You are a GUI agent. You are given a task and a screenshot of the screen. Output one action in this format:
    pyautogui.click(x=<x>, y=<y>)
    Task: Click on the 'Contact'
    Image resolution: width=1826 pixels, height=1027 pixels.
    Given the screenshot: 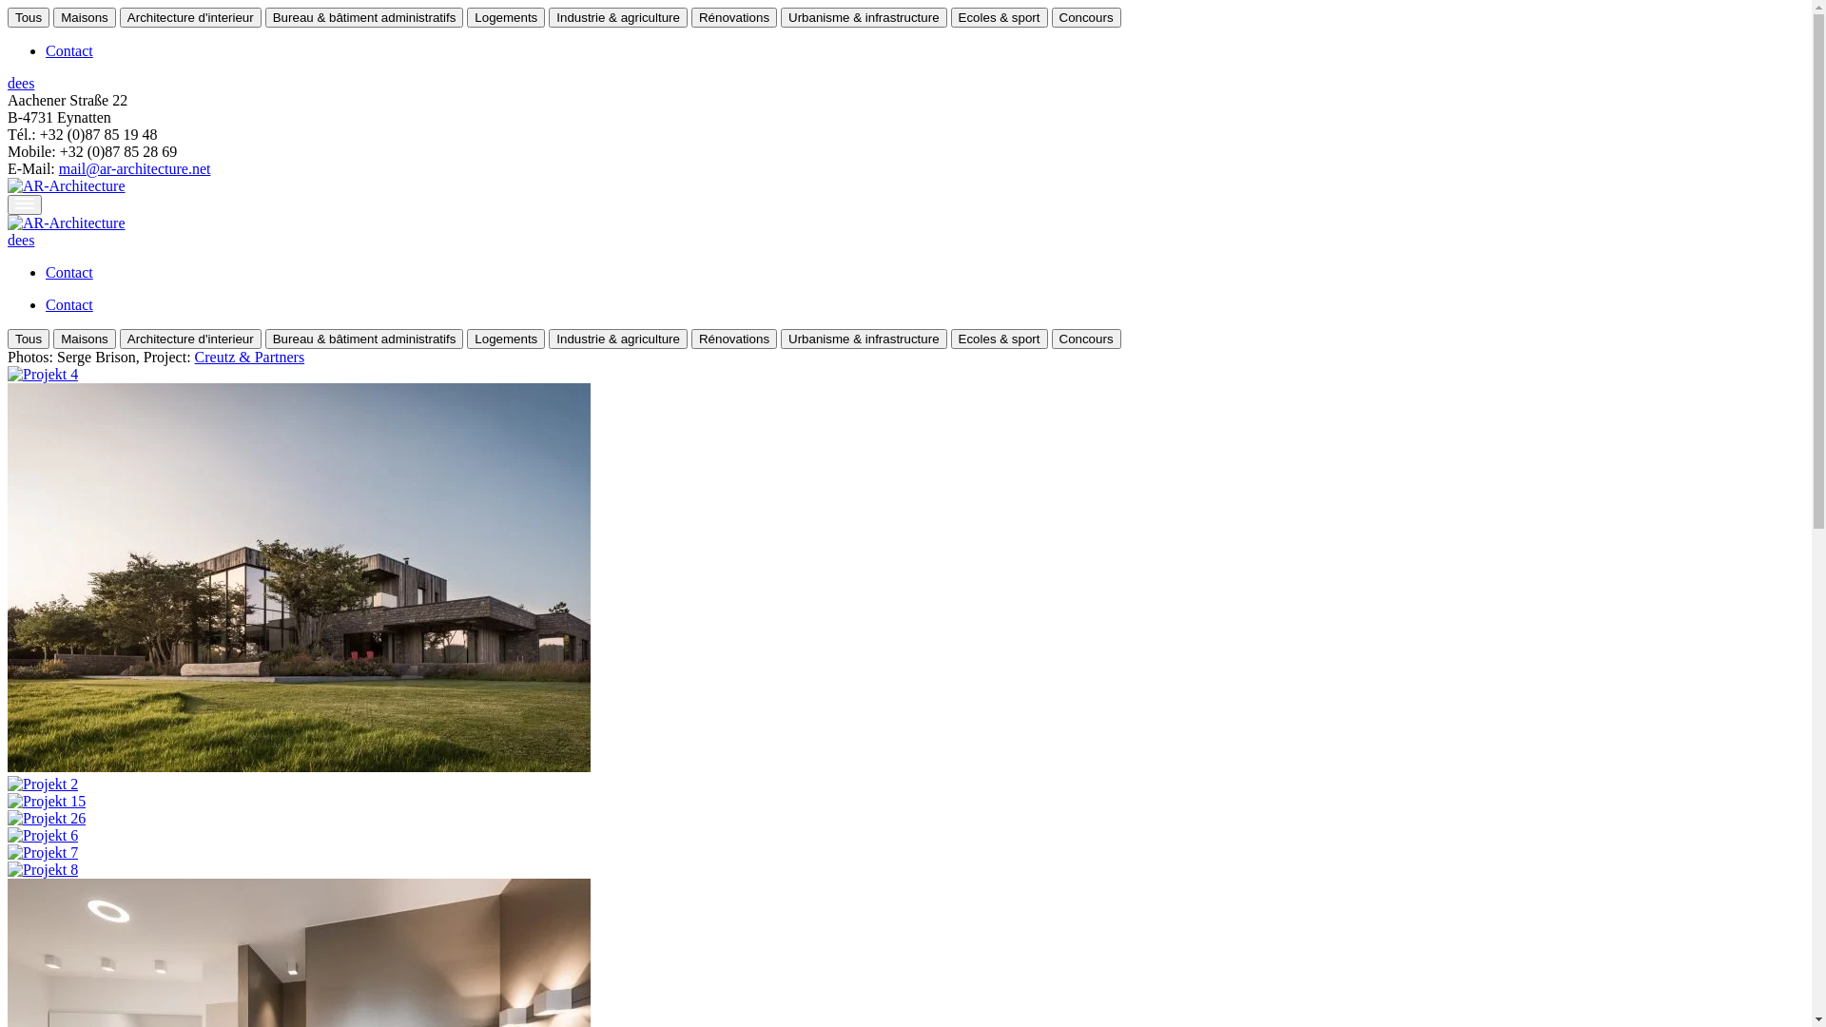 What is the action you would take?
    pyautogui.click(x=46, y=303)
    